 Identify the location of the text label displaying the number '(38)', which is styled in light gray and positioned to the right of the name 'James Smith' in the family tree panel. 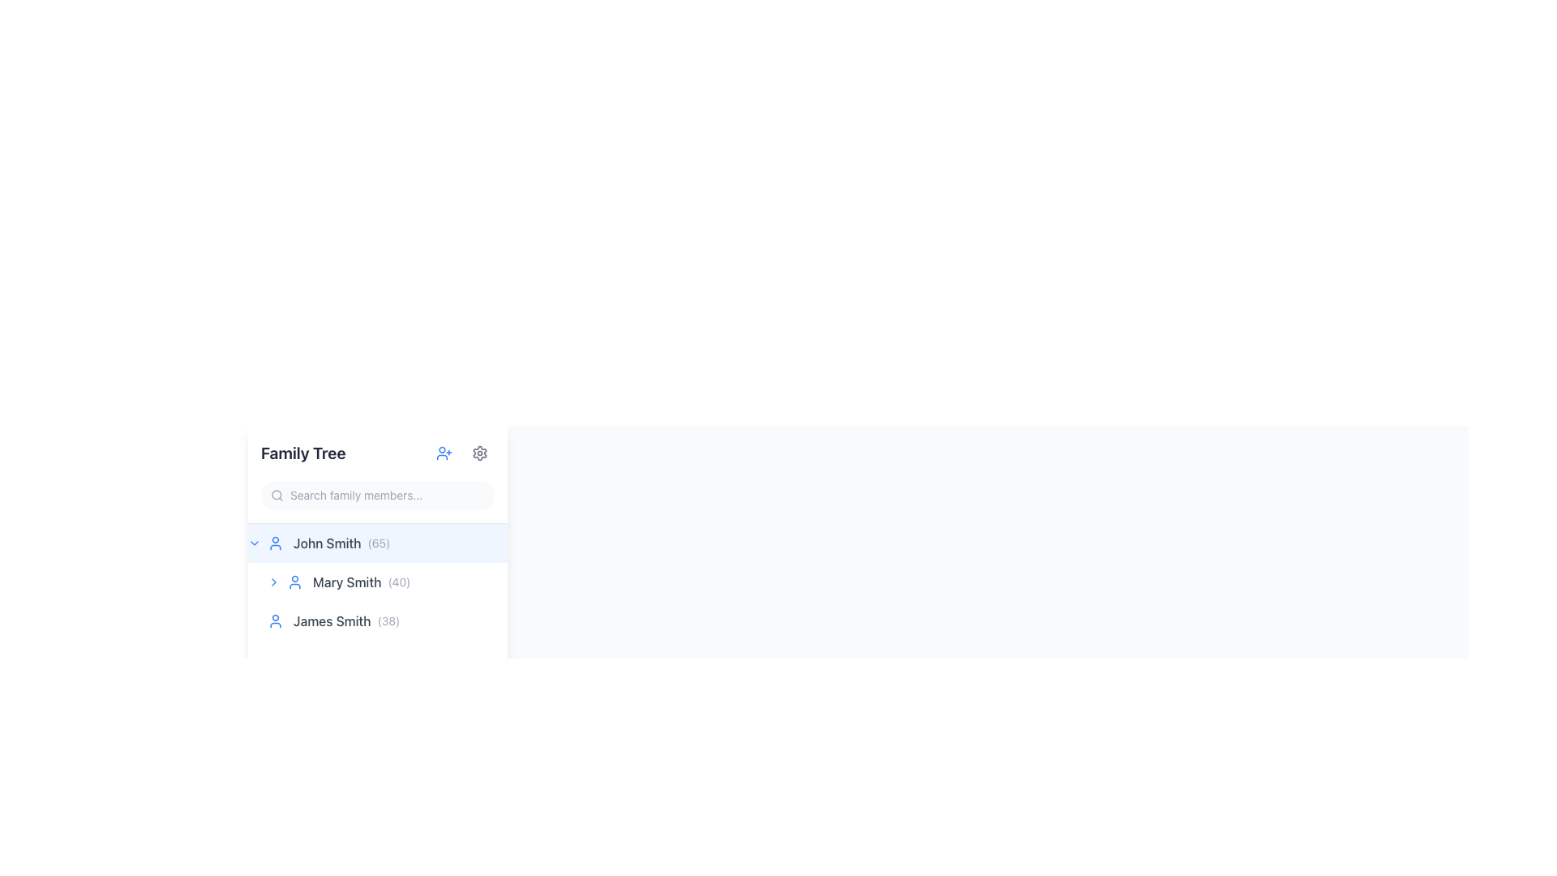
(388, 620).